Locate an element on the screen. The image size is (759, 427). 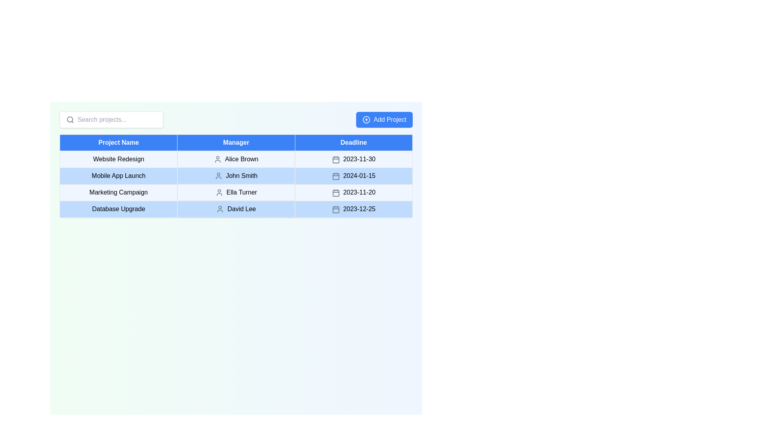
the Date display element showing '2023-12-25' with a calendar icon located in the fourth row under the 'Deadline' column of a tabular interface is located at coordinates (353, 209).